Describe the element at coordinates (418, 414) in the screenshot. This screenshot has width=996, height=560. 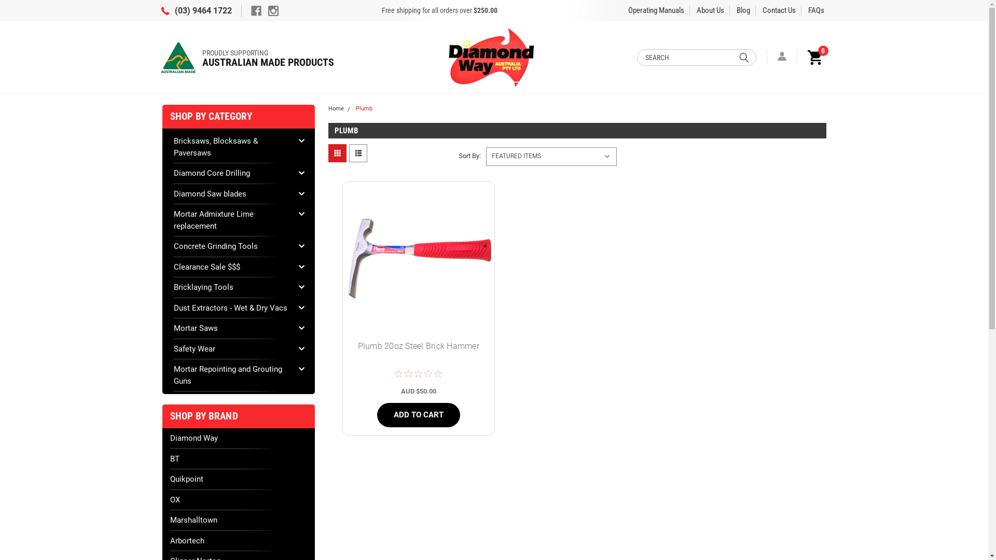
I see `'ADD TO CART'` at that location.